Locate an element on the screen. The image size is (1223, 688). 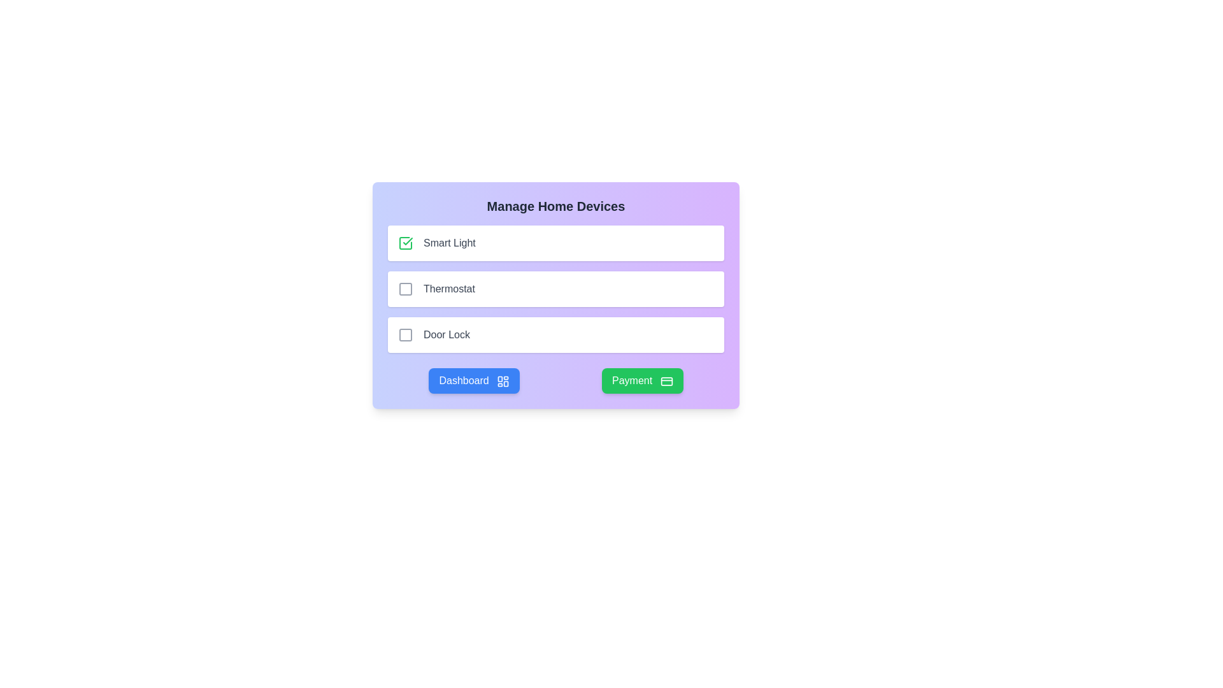
the left button in the bottom group of the card interface is located at coordinates (473, 380).